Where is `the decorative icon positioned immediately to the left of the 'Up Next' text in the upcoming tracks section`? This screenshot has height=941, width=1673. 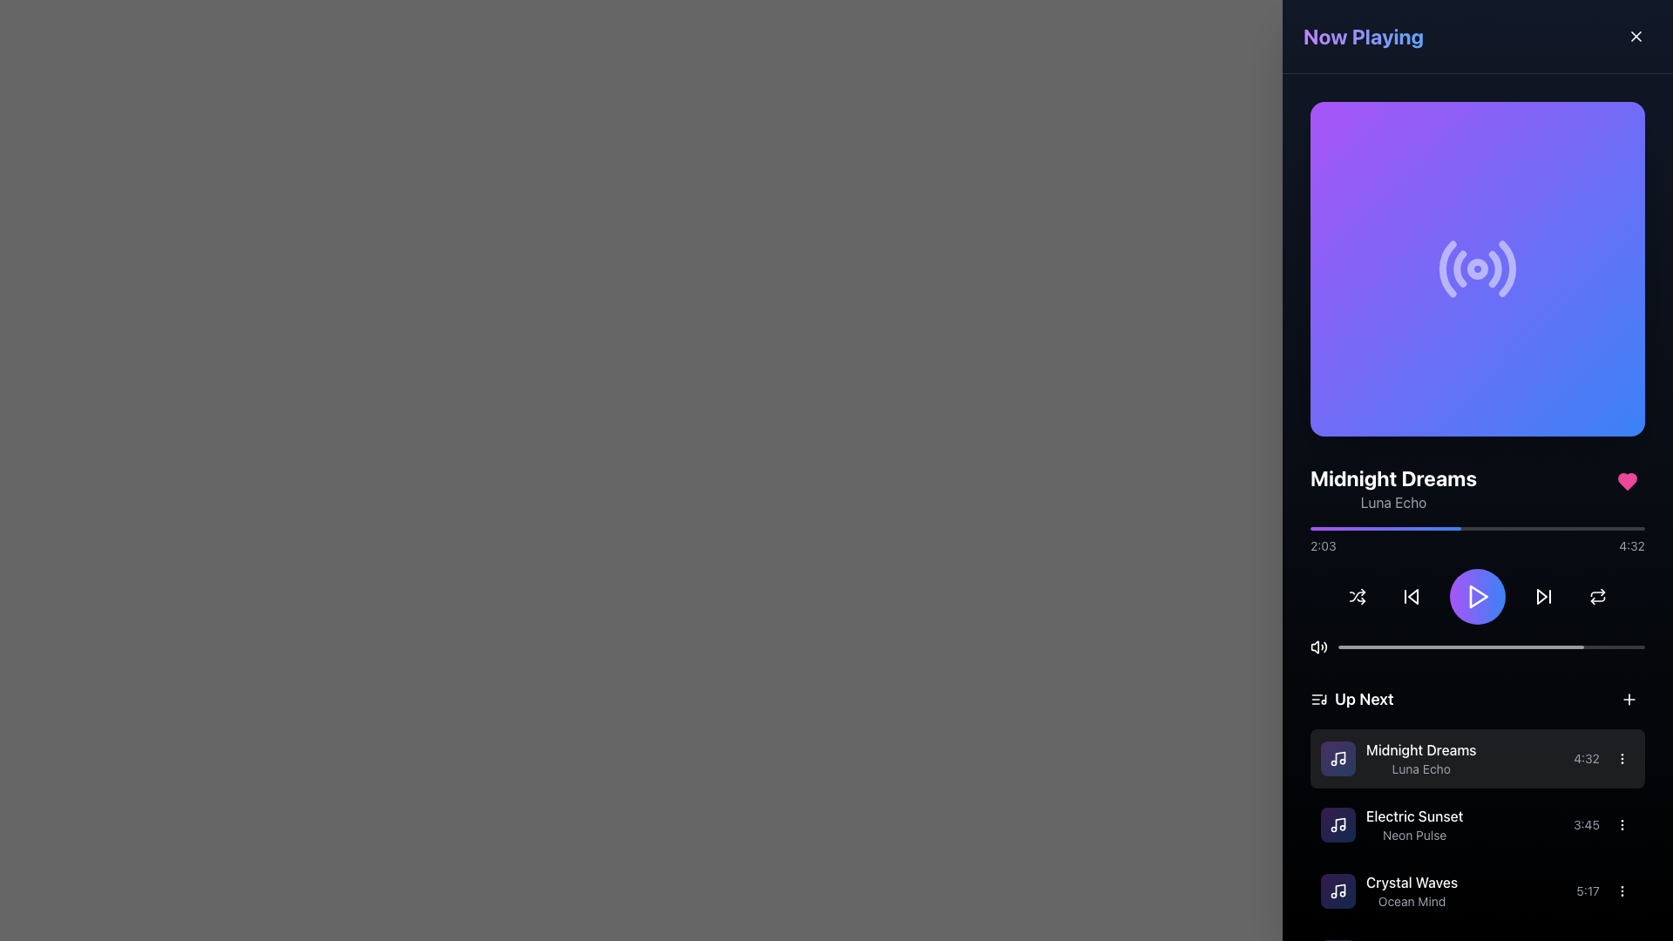 the decorative icon positioned immediately to the left of the 'Up Next' text in the upcoming tracks section is located at coordinates (1318, 698).